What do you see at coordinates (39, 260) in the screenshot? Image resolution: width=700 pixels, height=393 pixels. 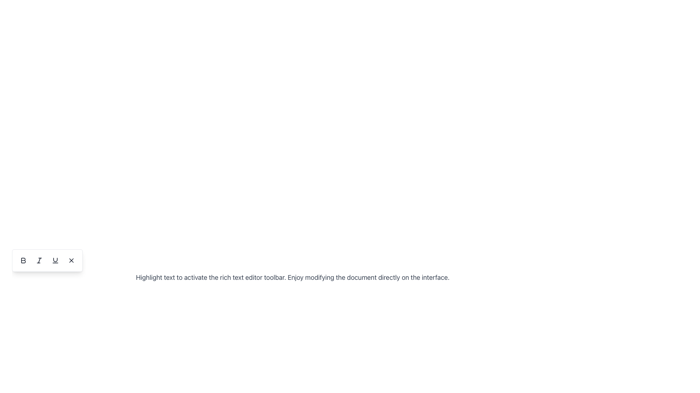 I see `the italicized gray letter I button in the text editing toolbar` at bounding box center [39, 260].